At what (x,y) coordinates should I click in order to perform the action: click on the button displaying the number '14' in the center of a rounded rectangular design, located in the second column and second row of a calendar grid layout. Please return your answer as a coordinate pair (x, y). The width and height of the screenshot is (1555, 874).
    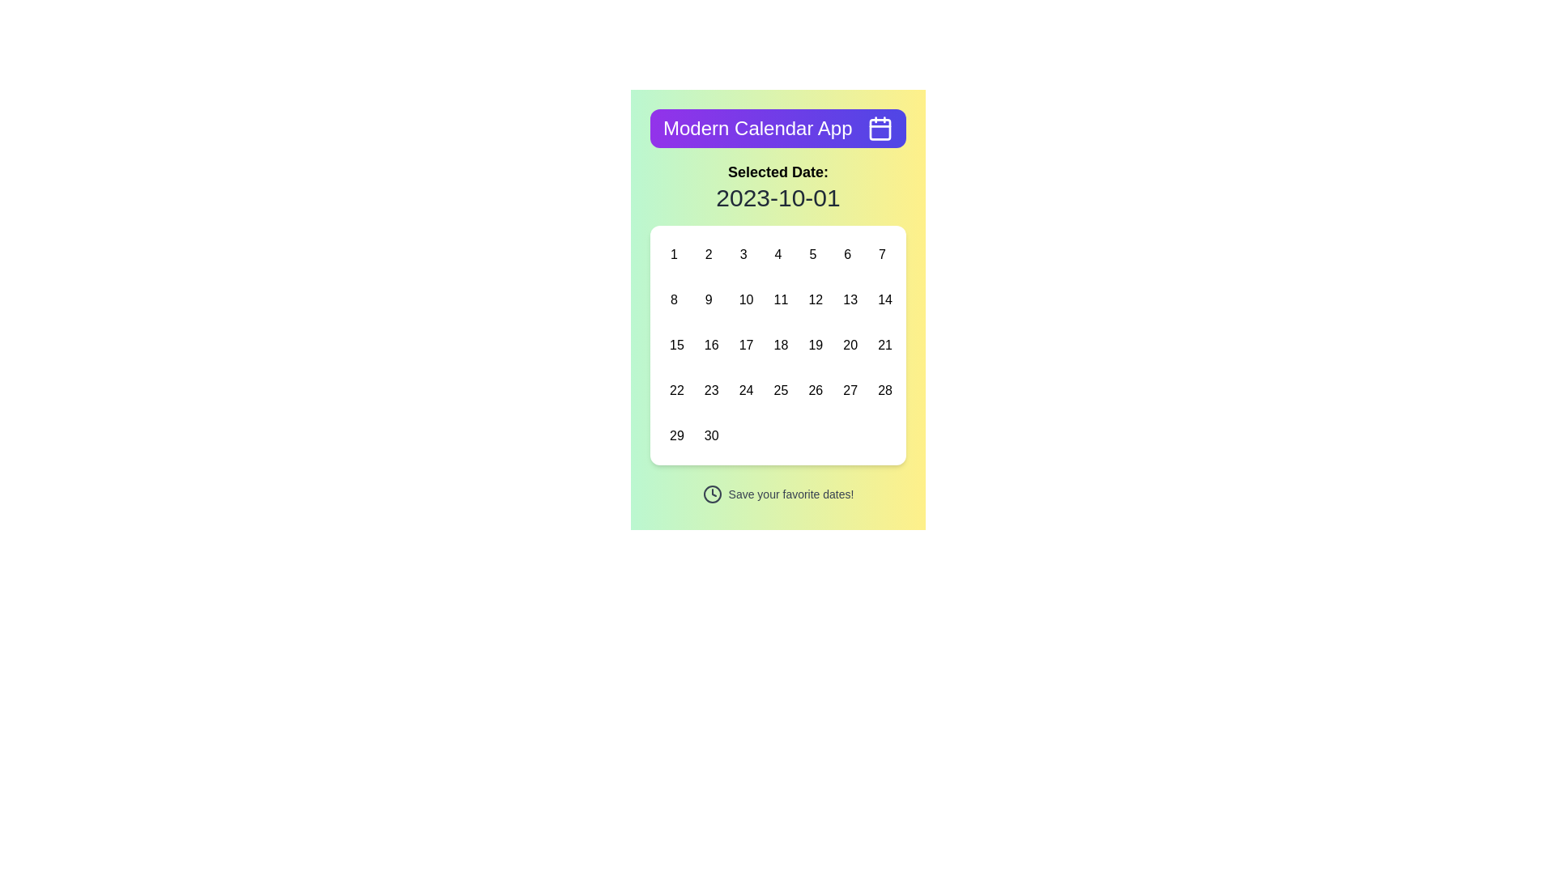
    Looking at the image, I should click on (881, 299).